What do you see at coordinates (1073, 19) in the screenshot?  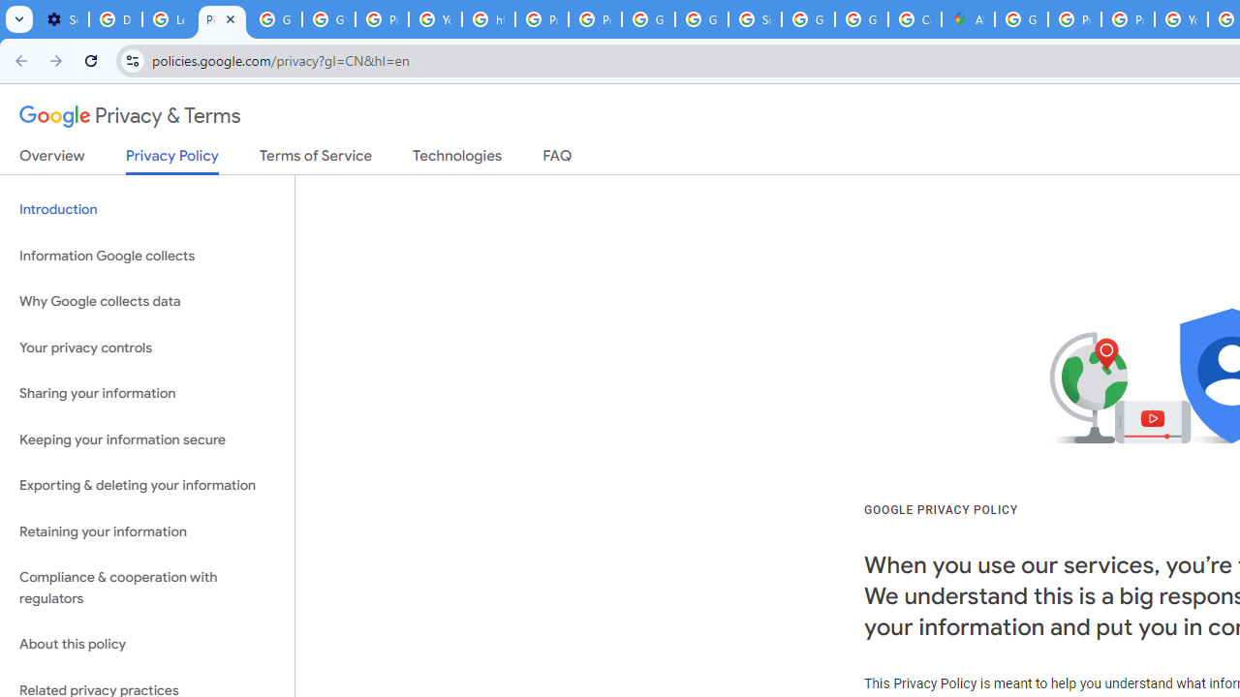 I see `'Privacy Help Center - Policies Help'` at bounding box center [1073, 19].